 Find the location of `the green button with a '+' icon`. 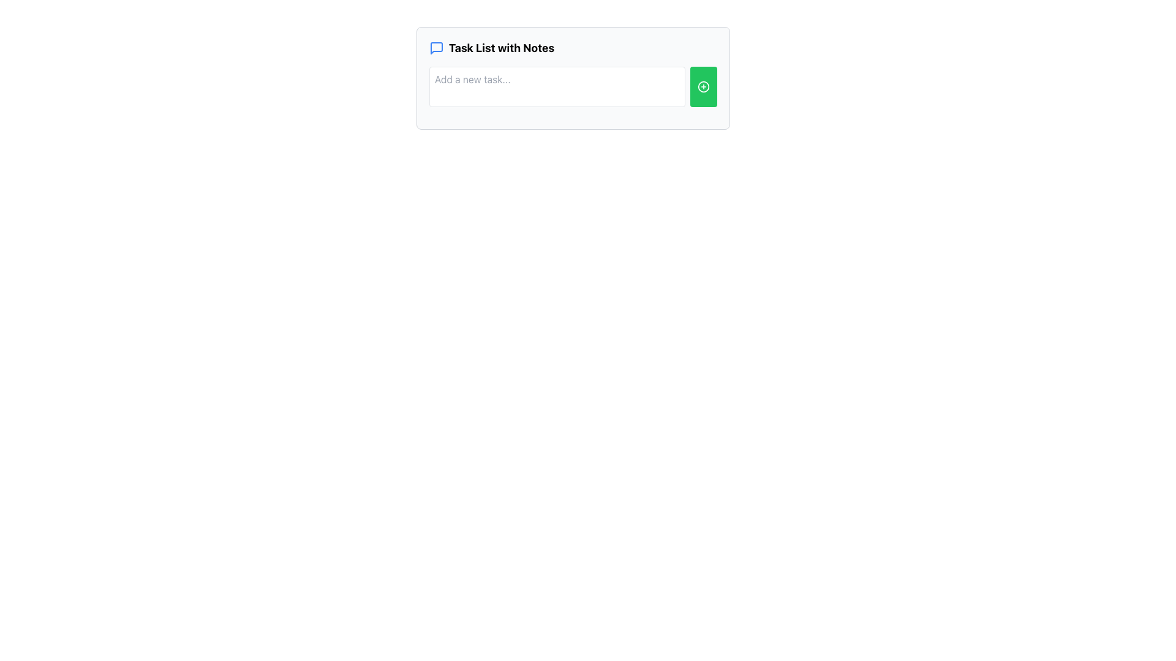

the green button with a '+' icon is located at coordinates (703, 86).